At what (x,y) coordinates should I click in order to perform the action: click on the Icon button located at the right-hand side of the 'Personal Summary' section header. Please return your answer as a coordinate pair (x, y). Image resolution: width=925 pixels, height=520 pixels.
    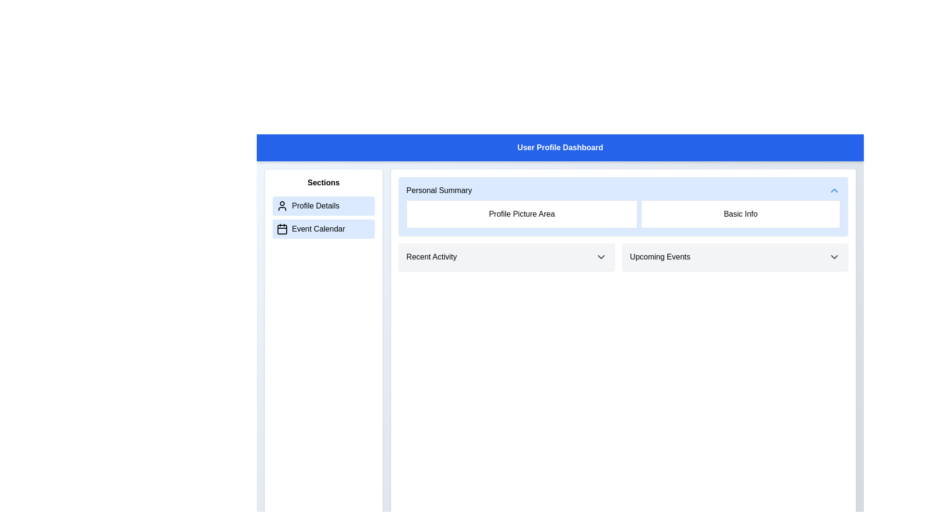
    Looking at the image, I should click on (834, 191).